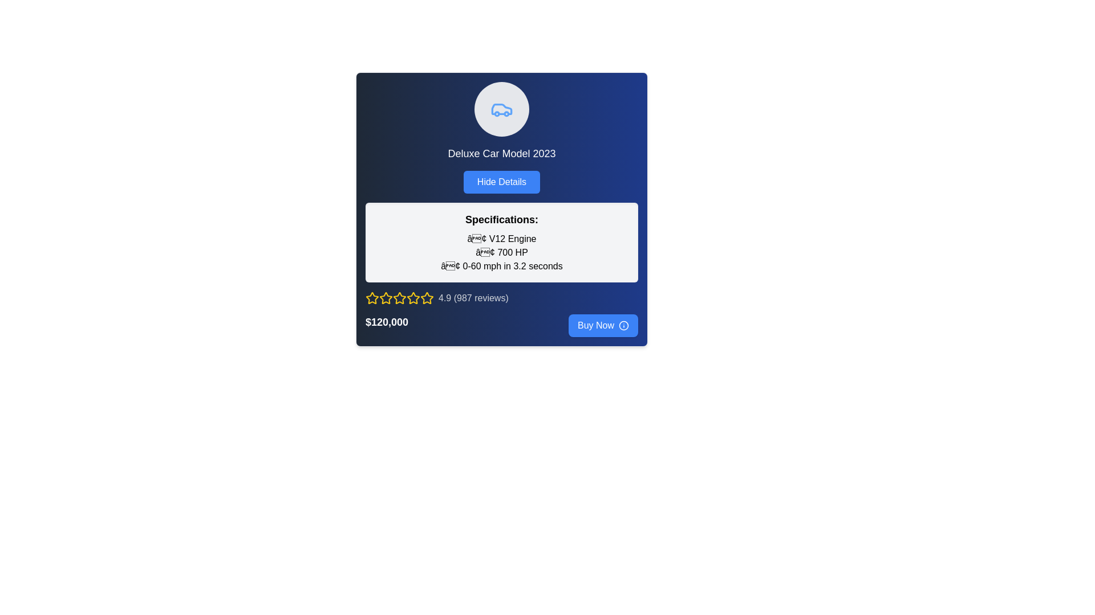 This screenshot has height=615, width=1095. I want to click on the rating display section that shows five yellow stars, a rating score of '4.9', and '(987 reviews)', located above the price and 'Buy Now' button, so click(501, 298).